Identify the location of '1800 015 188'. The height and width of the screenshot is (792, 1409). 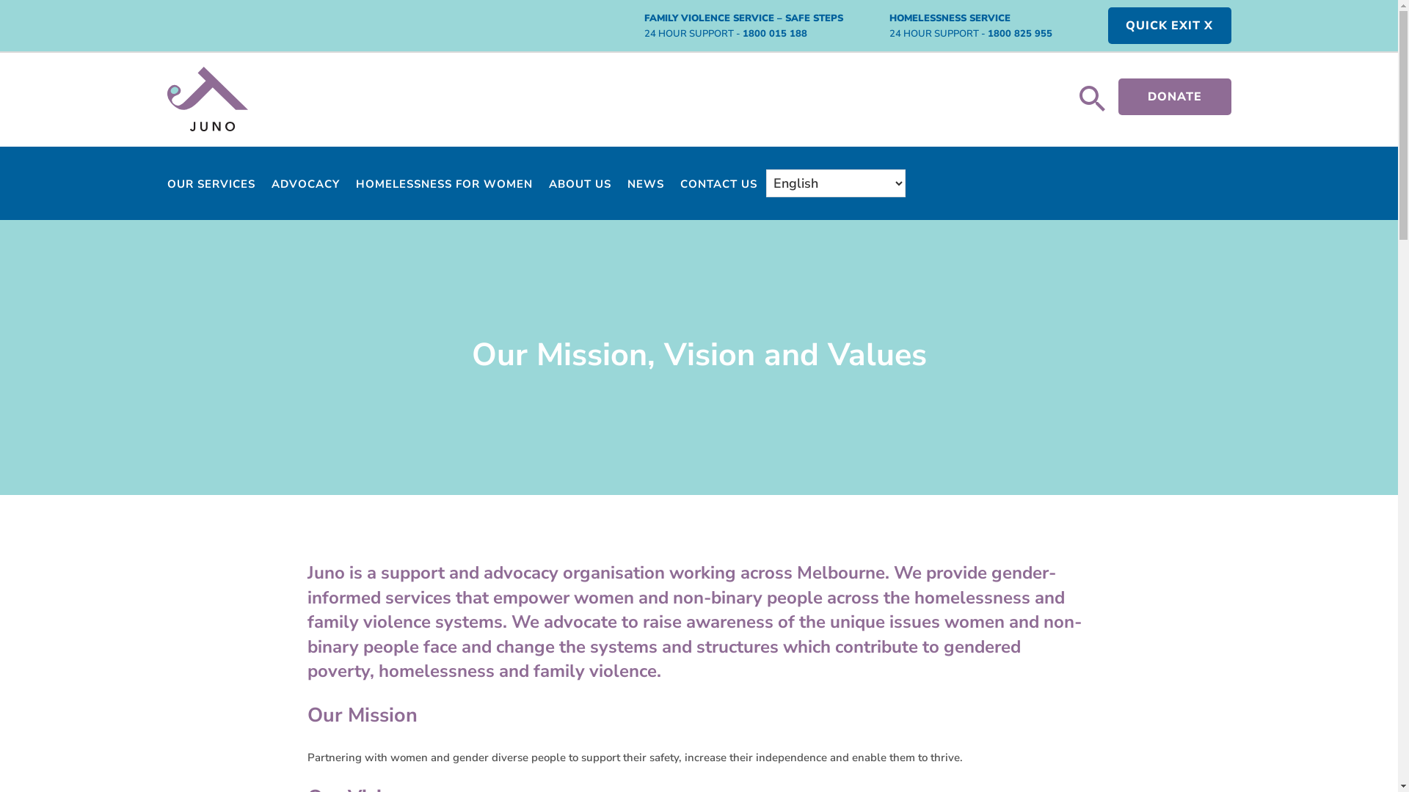
(743, 33).